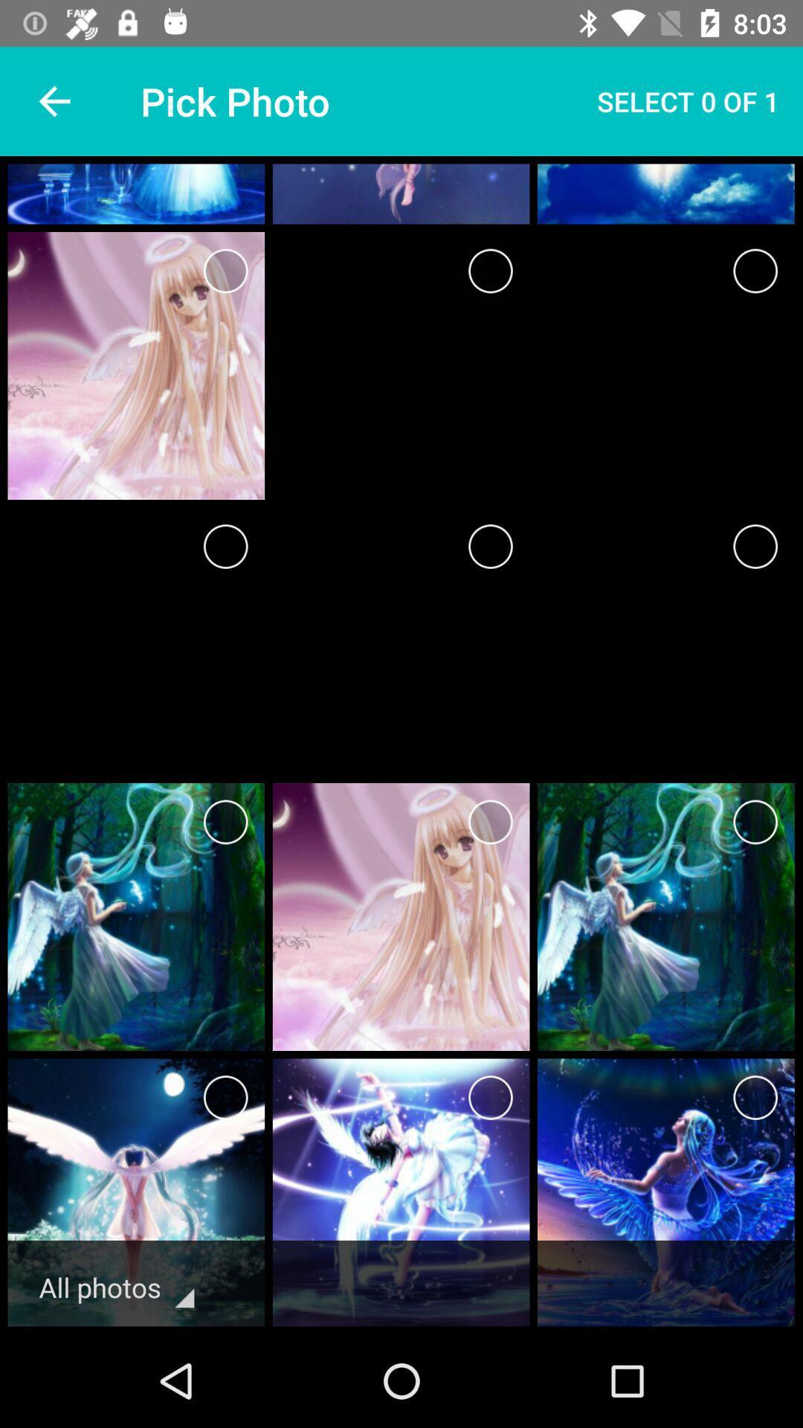 The image size is (803, 1428). Describe the element at coordinates (490, 1098) in the screenshot. I see `include picture` at that location.